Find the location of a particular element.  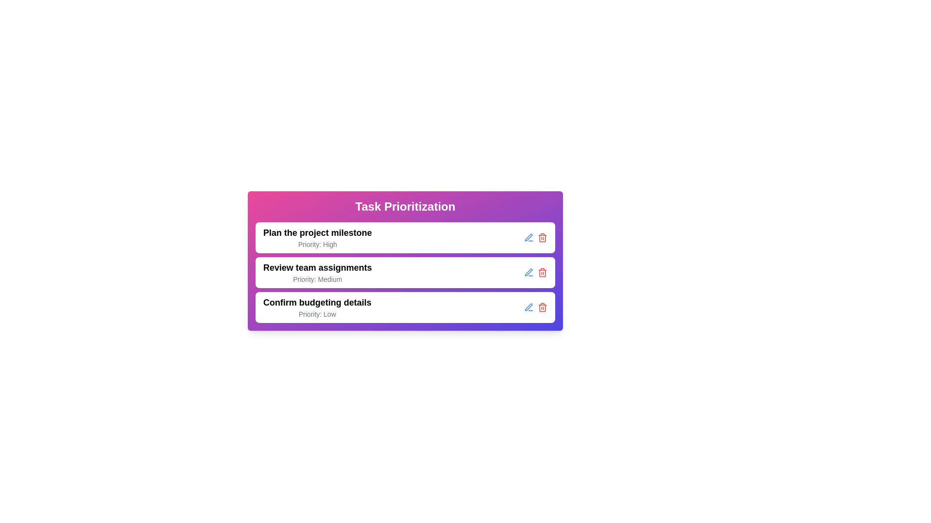

the outlined trash can icon button, which is red and located to the far right of the task titled 'Confirm budgeting details' is located at coordinates (542, 308).